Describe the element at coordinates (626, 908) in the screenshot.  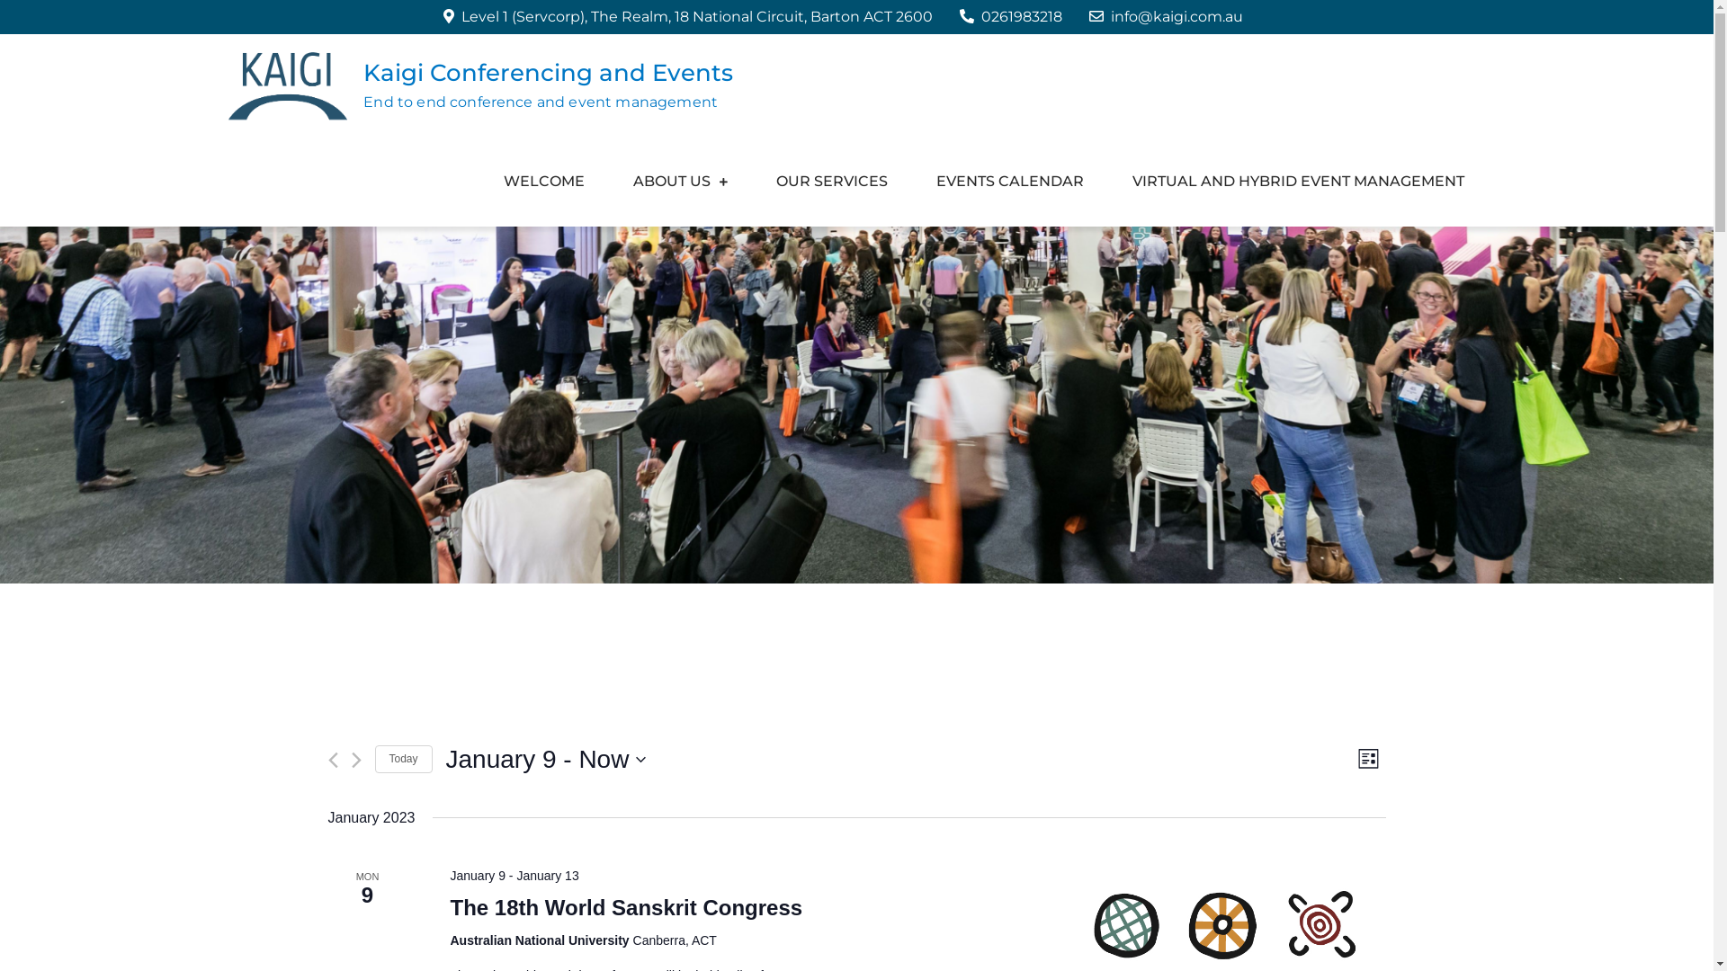
I see `'The 18th World Sanskrit Congress'` at that location.